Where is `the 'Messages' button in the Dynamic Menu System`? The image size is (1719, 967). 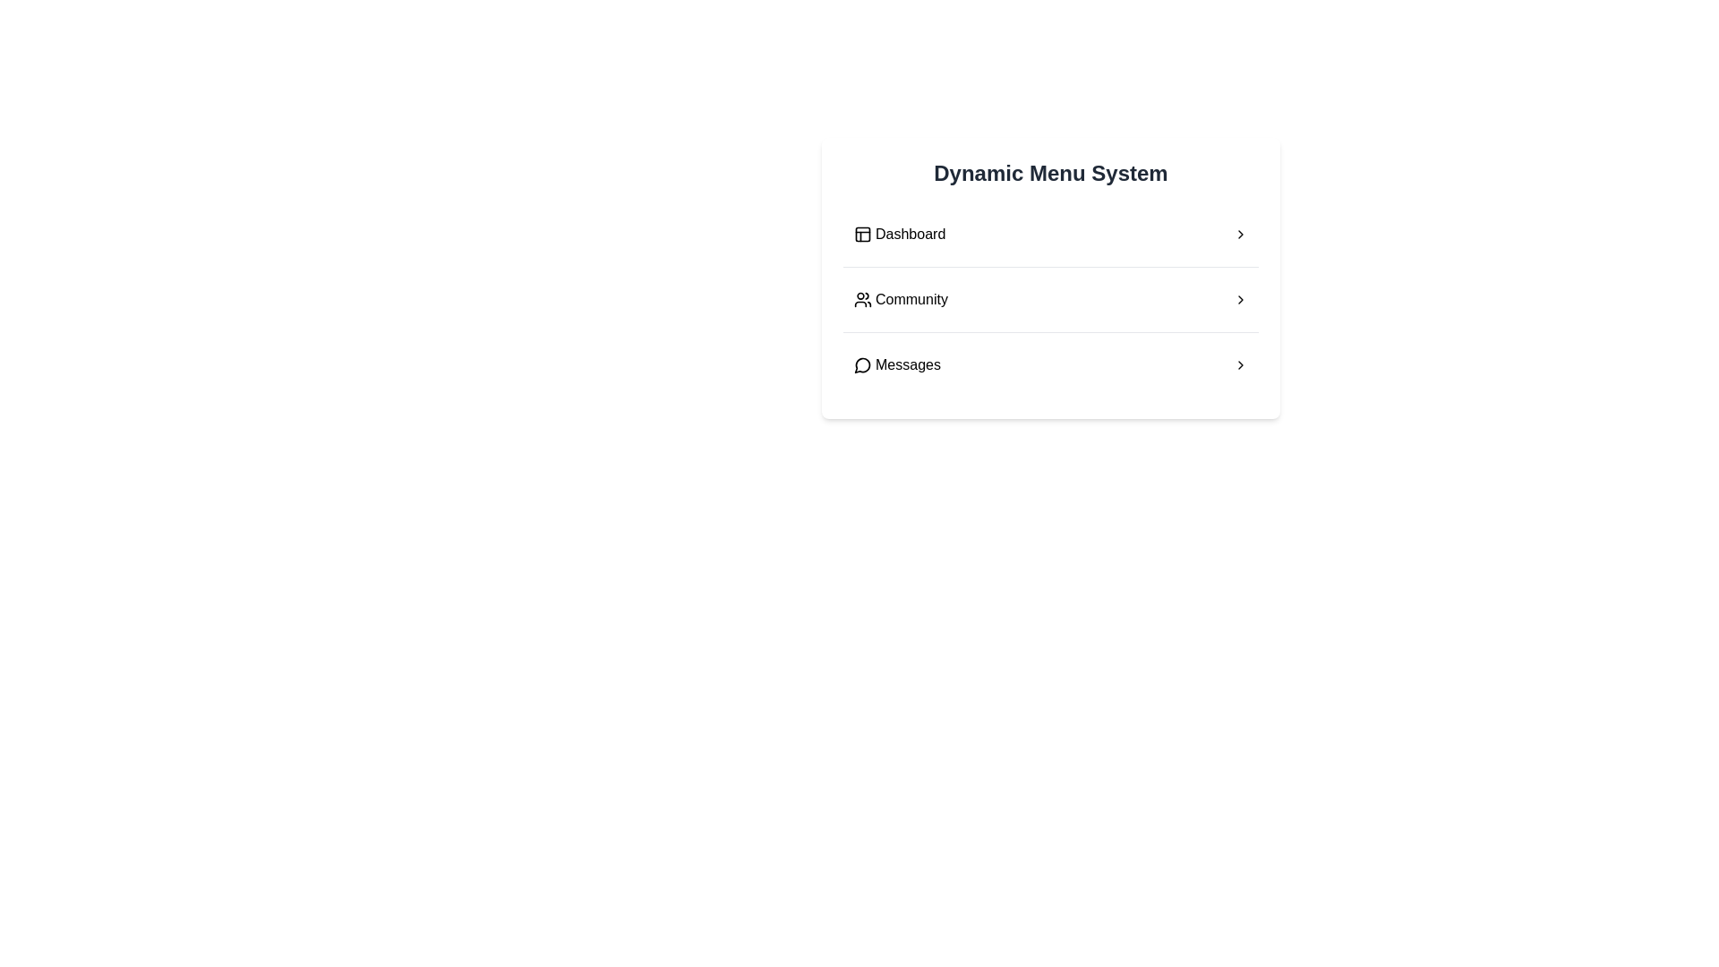
the 'Messages' button in the Dynamic Menu System is located at coordinates (1051, 364).